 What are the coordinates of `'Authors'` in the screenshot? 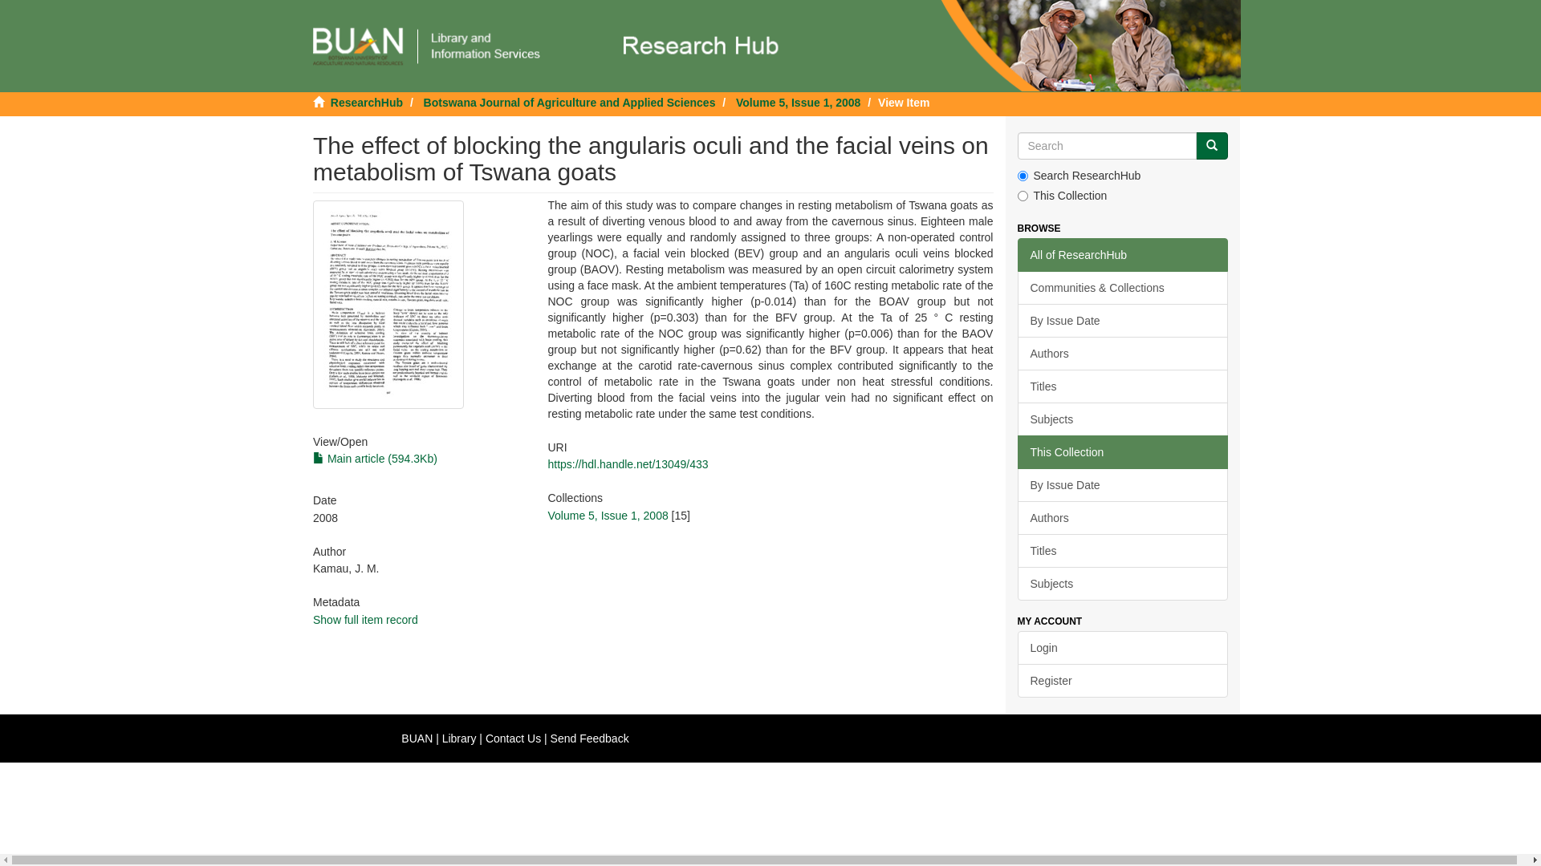 It's located at (1122, 352).